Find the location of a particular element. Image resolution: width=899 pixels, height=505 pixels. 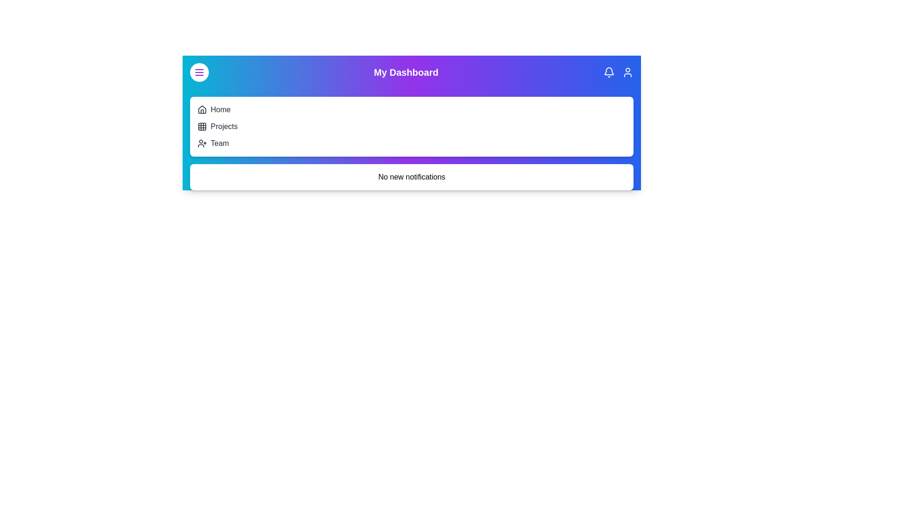

the 'Team' navigation item in the navigation menu is located at coordinates (219, 144).